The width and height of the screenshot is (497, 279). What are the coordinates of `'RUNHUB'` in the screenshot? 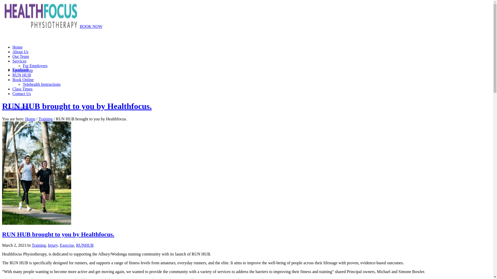 It's located at (85, 245).